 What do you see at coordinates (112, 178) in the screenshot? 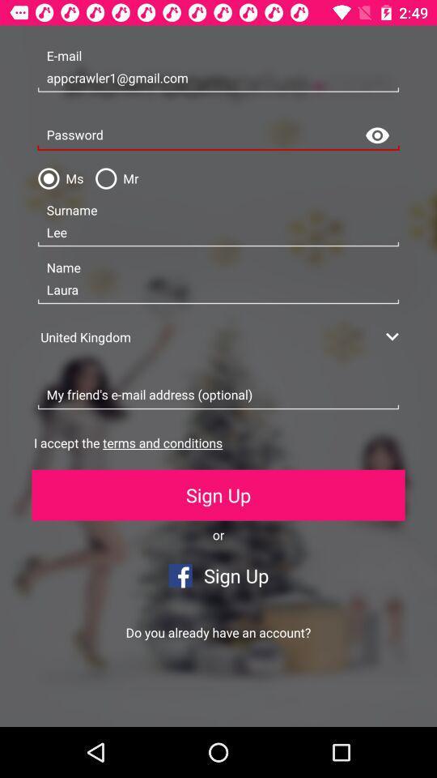
I see `the item to the right of ms icon` at bounding box center [112, 178].